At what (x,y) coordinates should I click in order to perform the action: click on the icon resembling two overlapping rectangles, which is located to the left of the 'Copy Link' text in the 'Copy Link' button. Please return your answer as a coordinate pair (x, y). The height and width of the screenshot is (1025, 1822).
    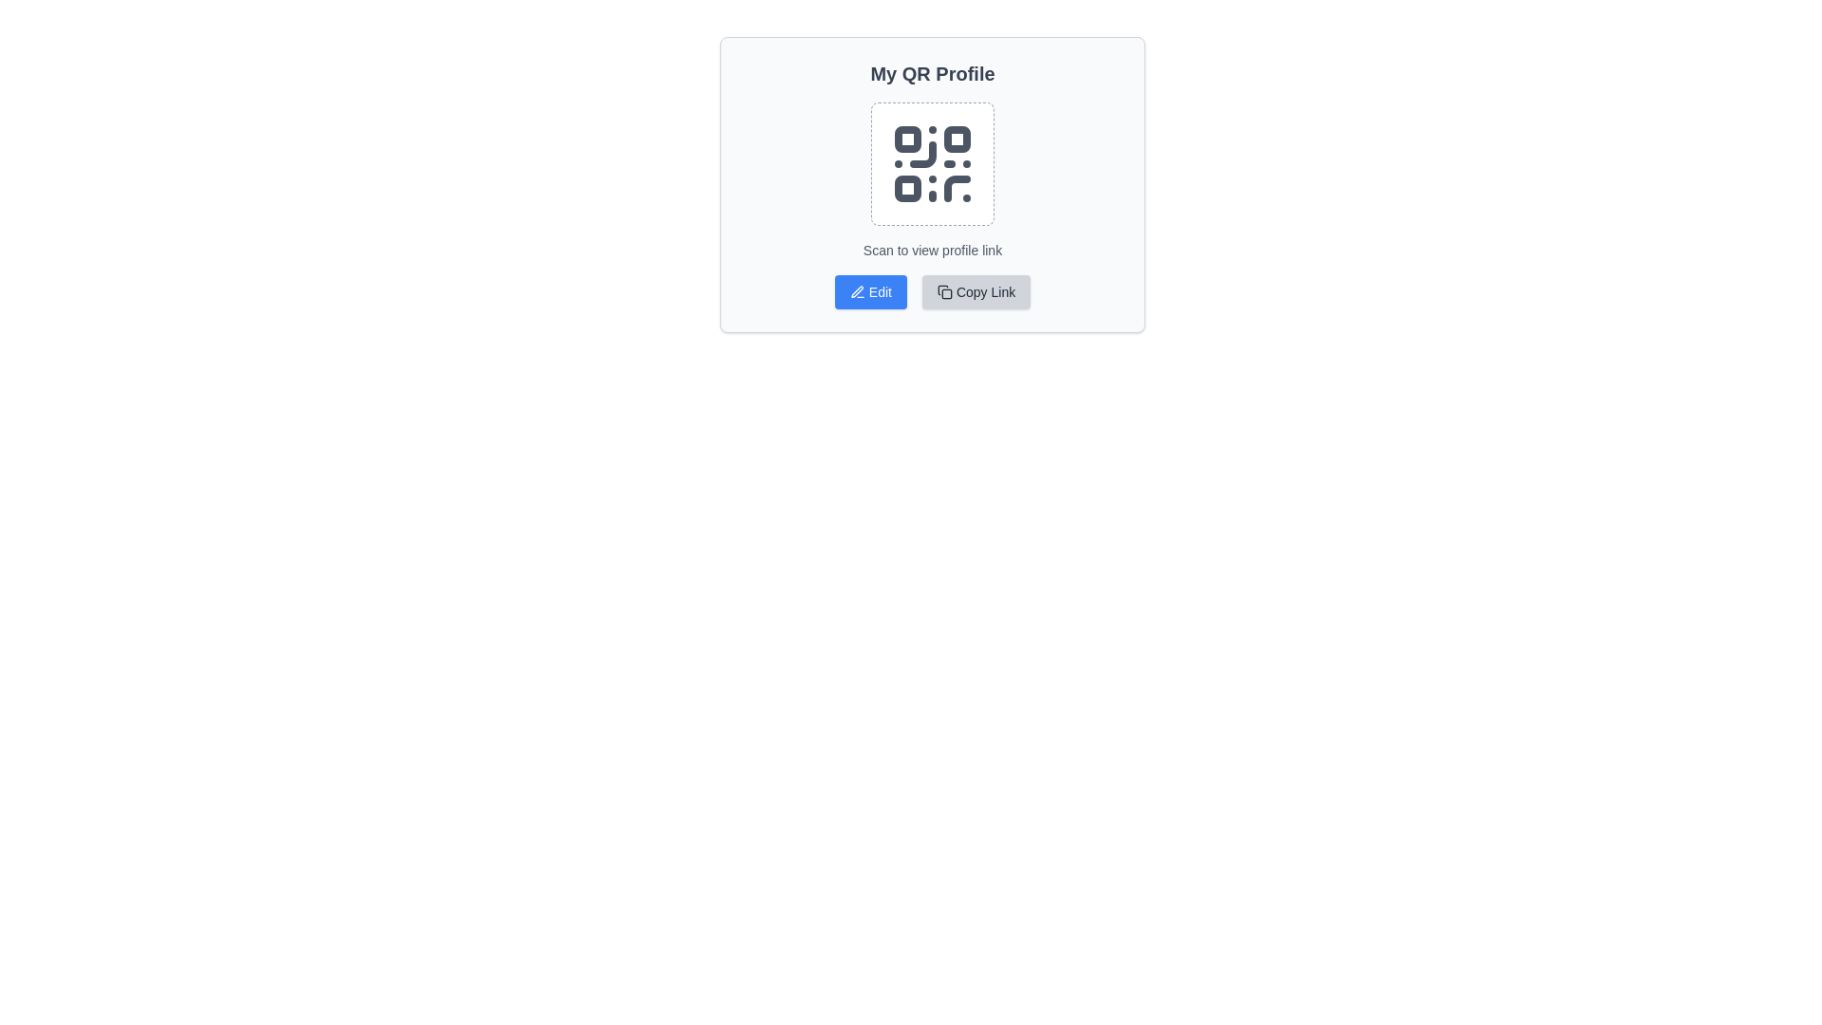
    Looking at the image, I should click on (944, 292).